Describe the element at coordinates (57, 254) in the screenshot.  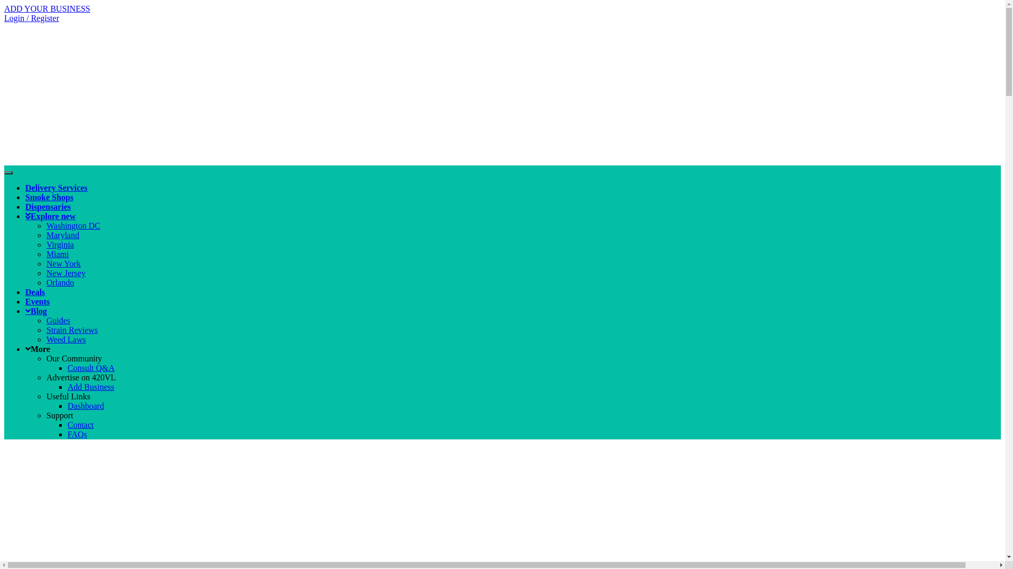
I see `'Miami'` at that location.